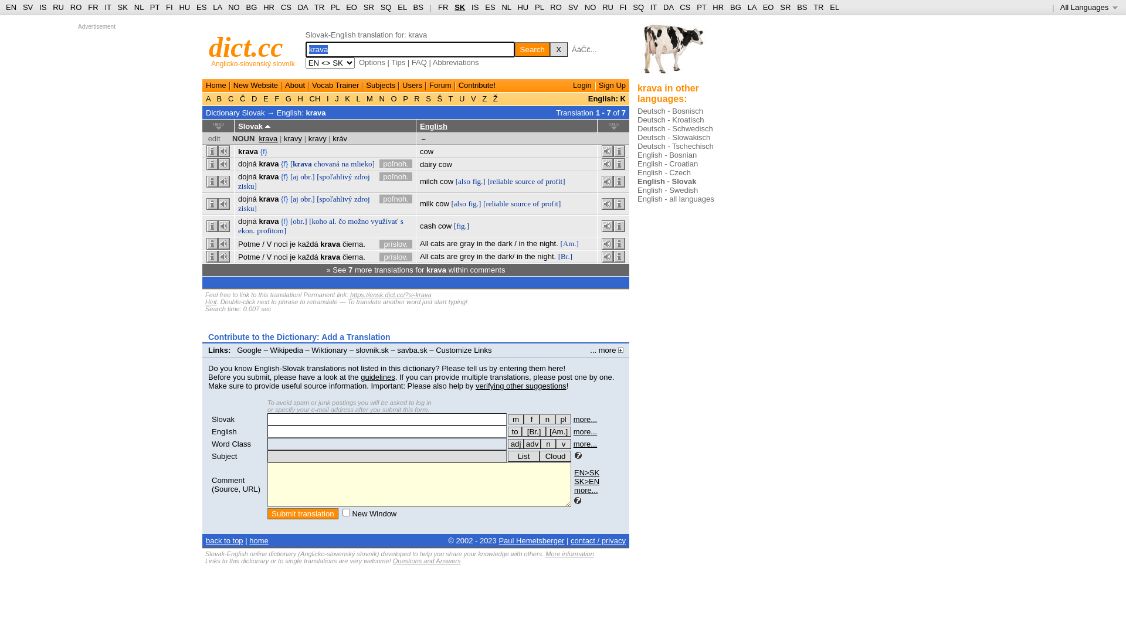 This screenshot has height=633, width=1126. What do you see at coordinates (673, 52) in the screenshot?
I see `'holstein cow  5 years old ...'` at bounding box center [673, 52].